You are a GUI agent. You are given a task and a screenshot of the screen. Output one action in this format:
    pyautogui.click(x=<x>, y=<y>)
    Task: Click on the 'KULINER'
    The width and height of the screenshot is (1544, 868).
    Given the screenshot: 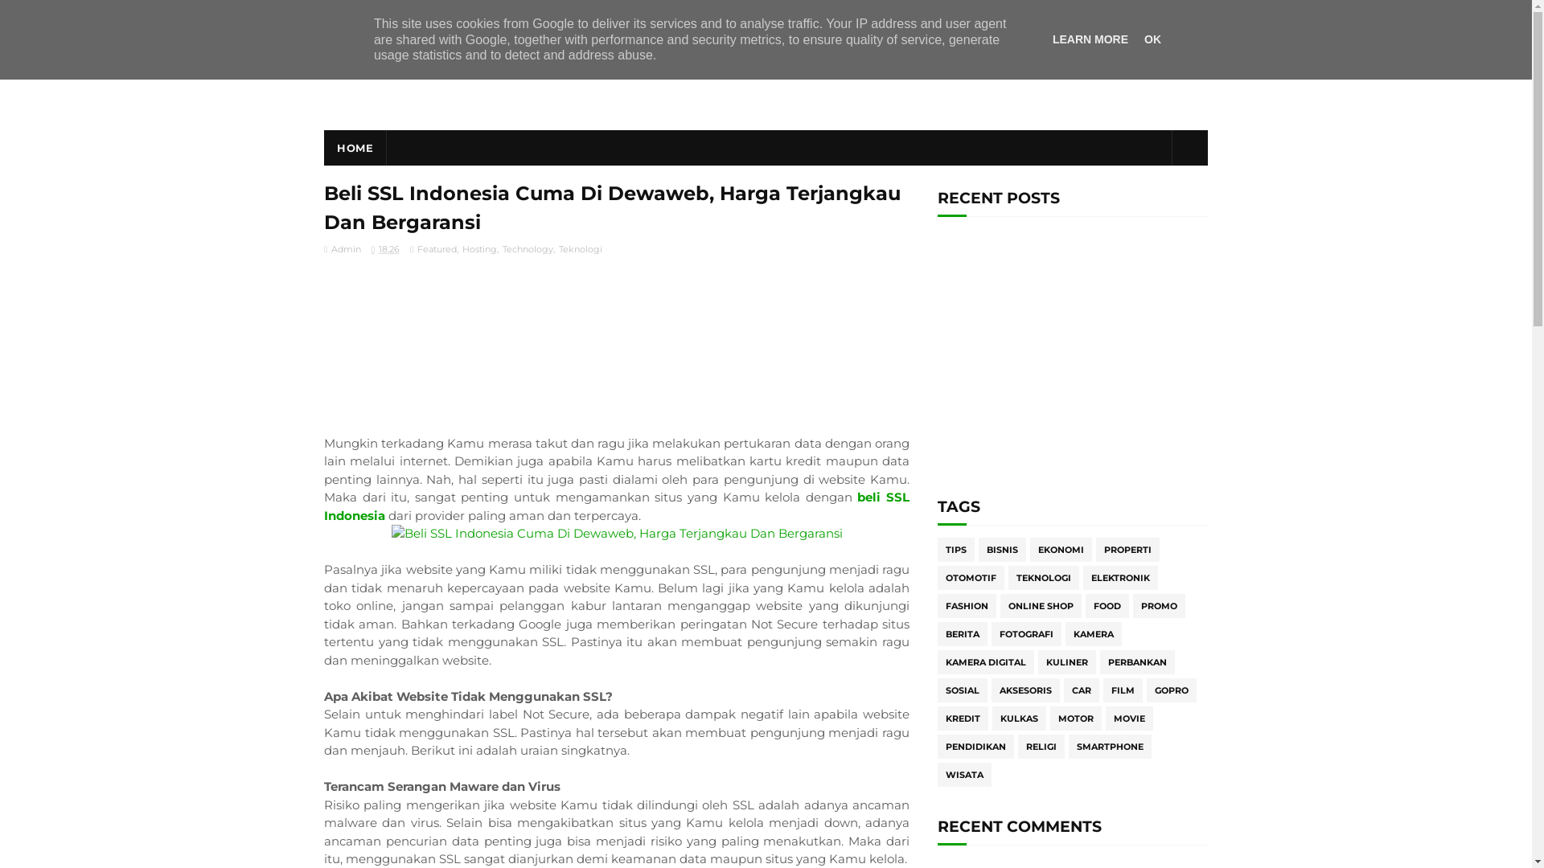 What is the action you would take?
    pyautogui.click(x=1066, y=662)
    